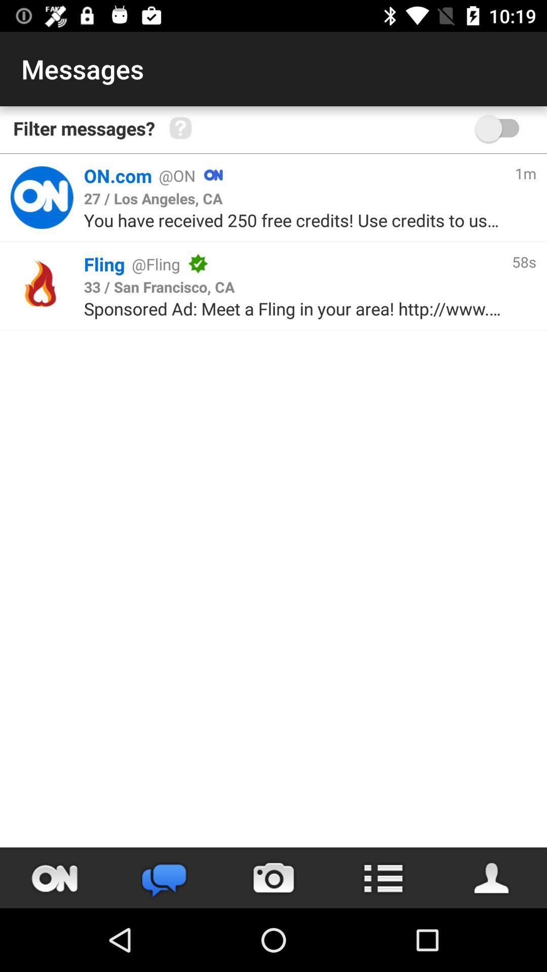  What do you see at coordinates (524, 262) in the screenshot?
I see `58s` at bounding box center [524, 262].